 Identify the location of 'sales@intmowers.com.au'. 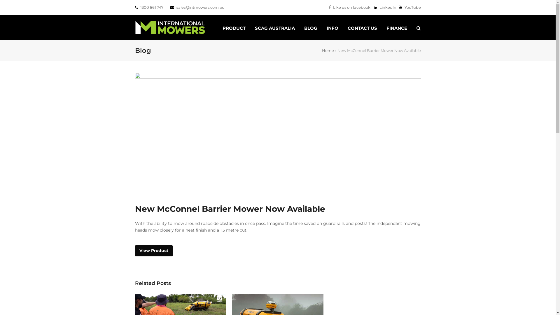
(200, 7).